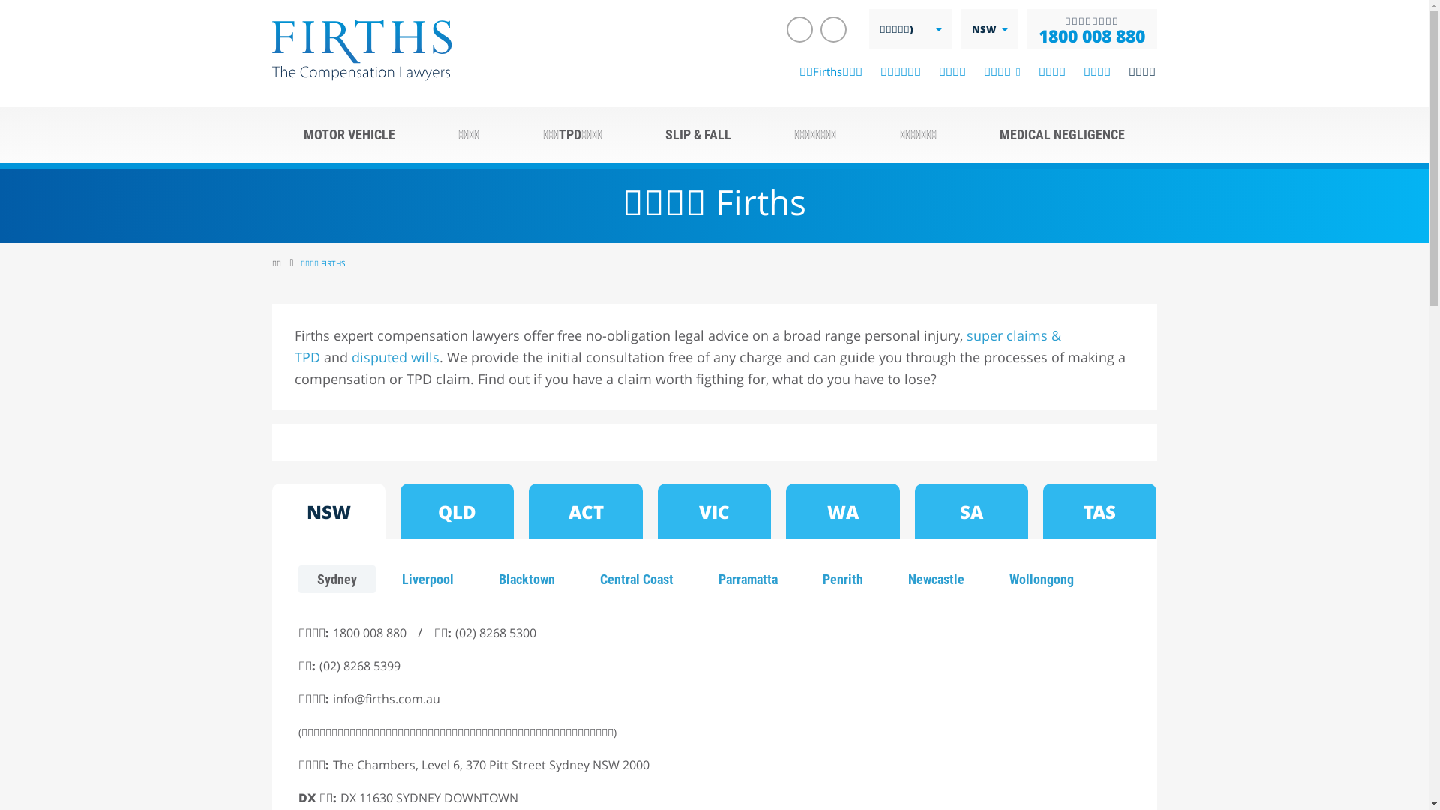 Image resolution: width=1440 pixels, height=810 pixels. Describe the element at coordinates (336, 578) in the screenshot. I see `'Sydney'` at that location.